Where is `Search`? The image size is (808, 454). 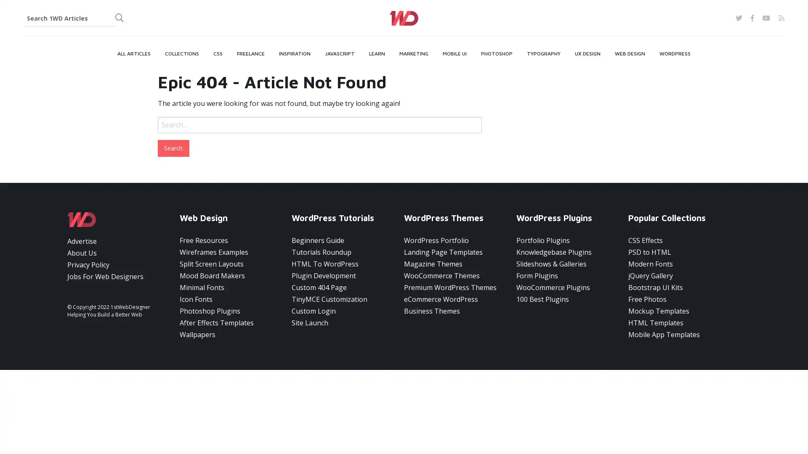 Search is located at coordinates (173, 147).